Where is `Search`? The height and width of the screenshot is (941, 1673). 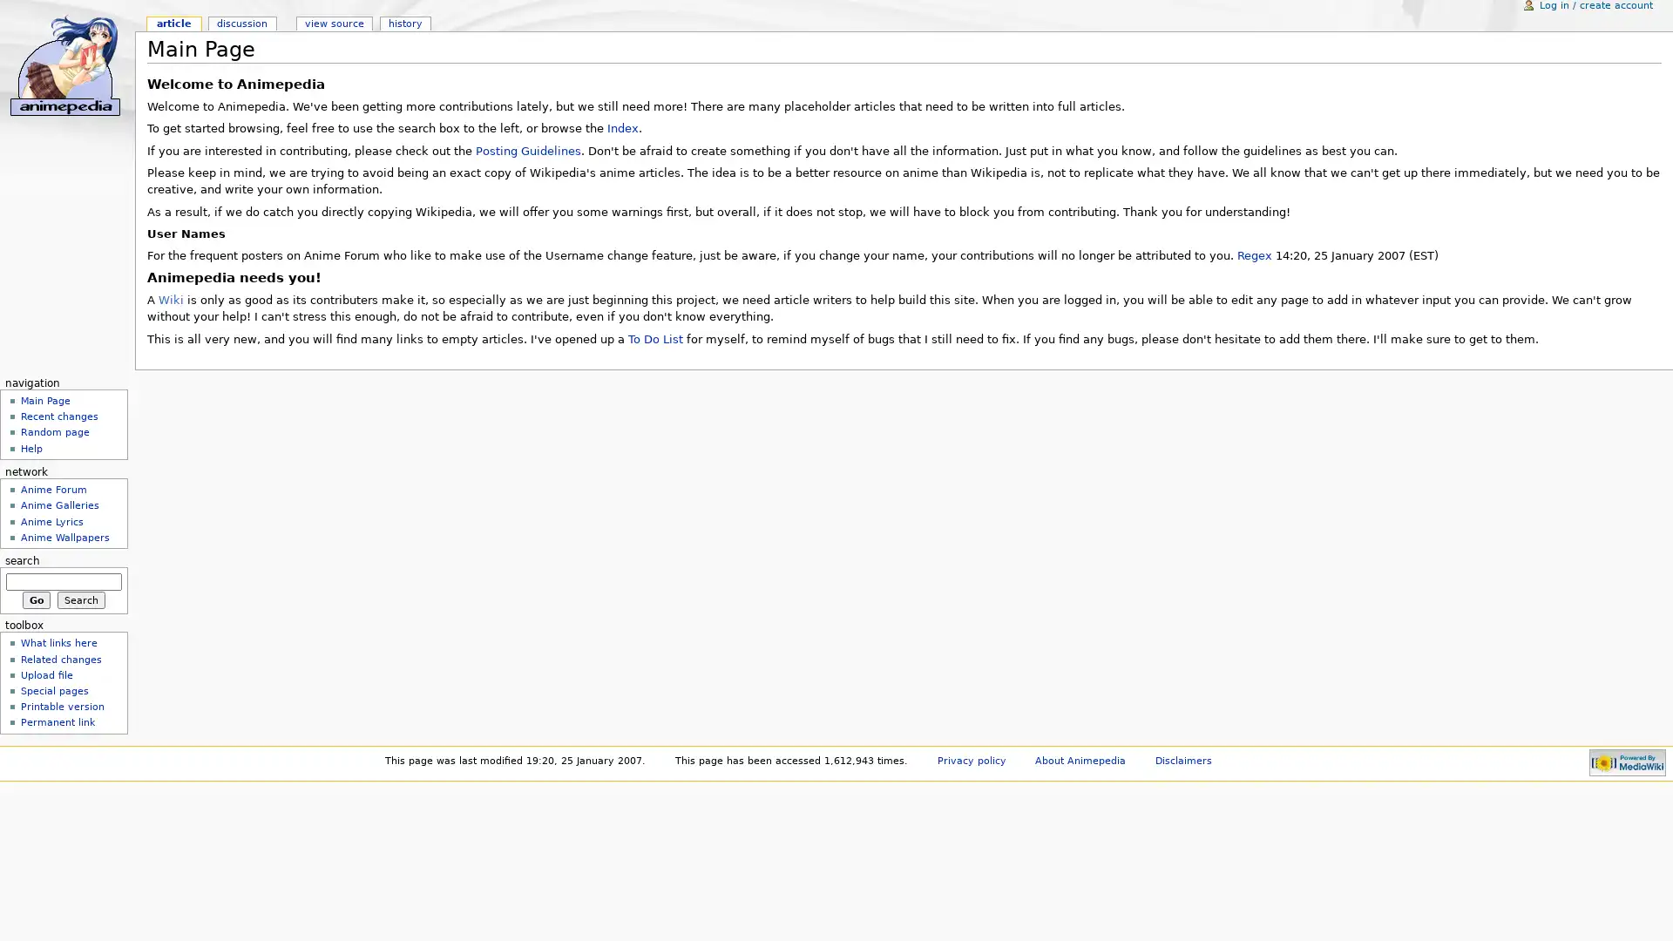 Search is located at coordinates (80, 598).